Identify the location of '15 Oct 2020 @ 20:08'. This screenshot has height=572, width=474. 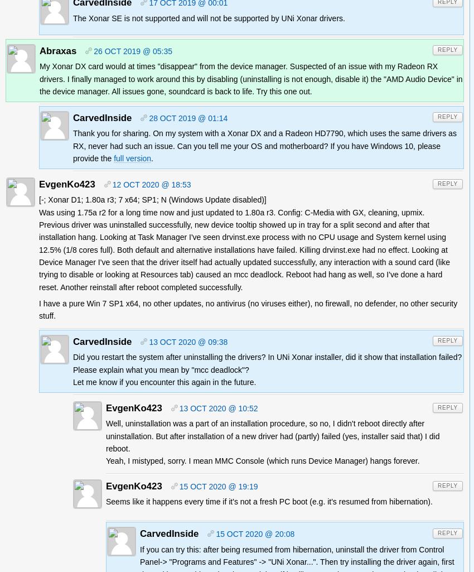
(254, 534).